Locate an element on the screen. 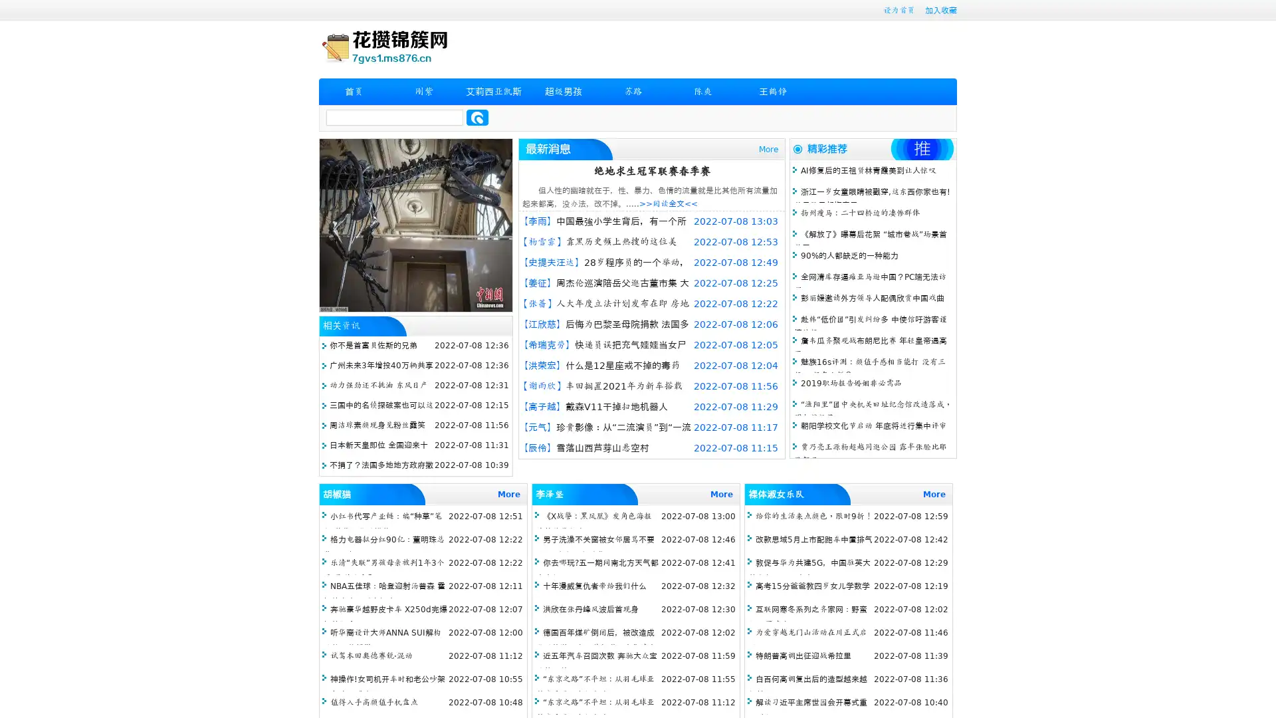 This screenshot has width=1276, height=718. Search is located at coordinates (477, 117).